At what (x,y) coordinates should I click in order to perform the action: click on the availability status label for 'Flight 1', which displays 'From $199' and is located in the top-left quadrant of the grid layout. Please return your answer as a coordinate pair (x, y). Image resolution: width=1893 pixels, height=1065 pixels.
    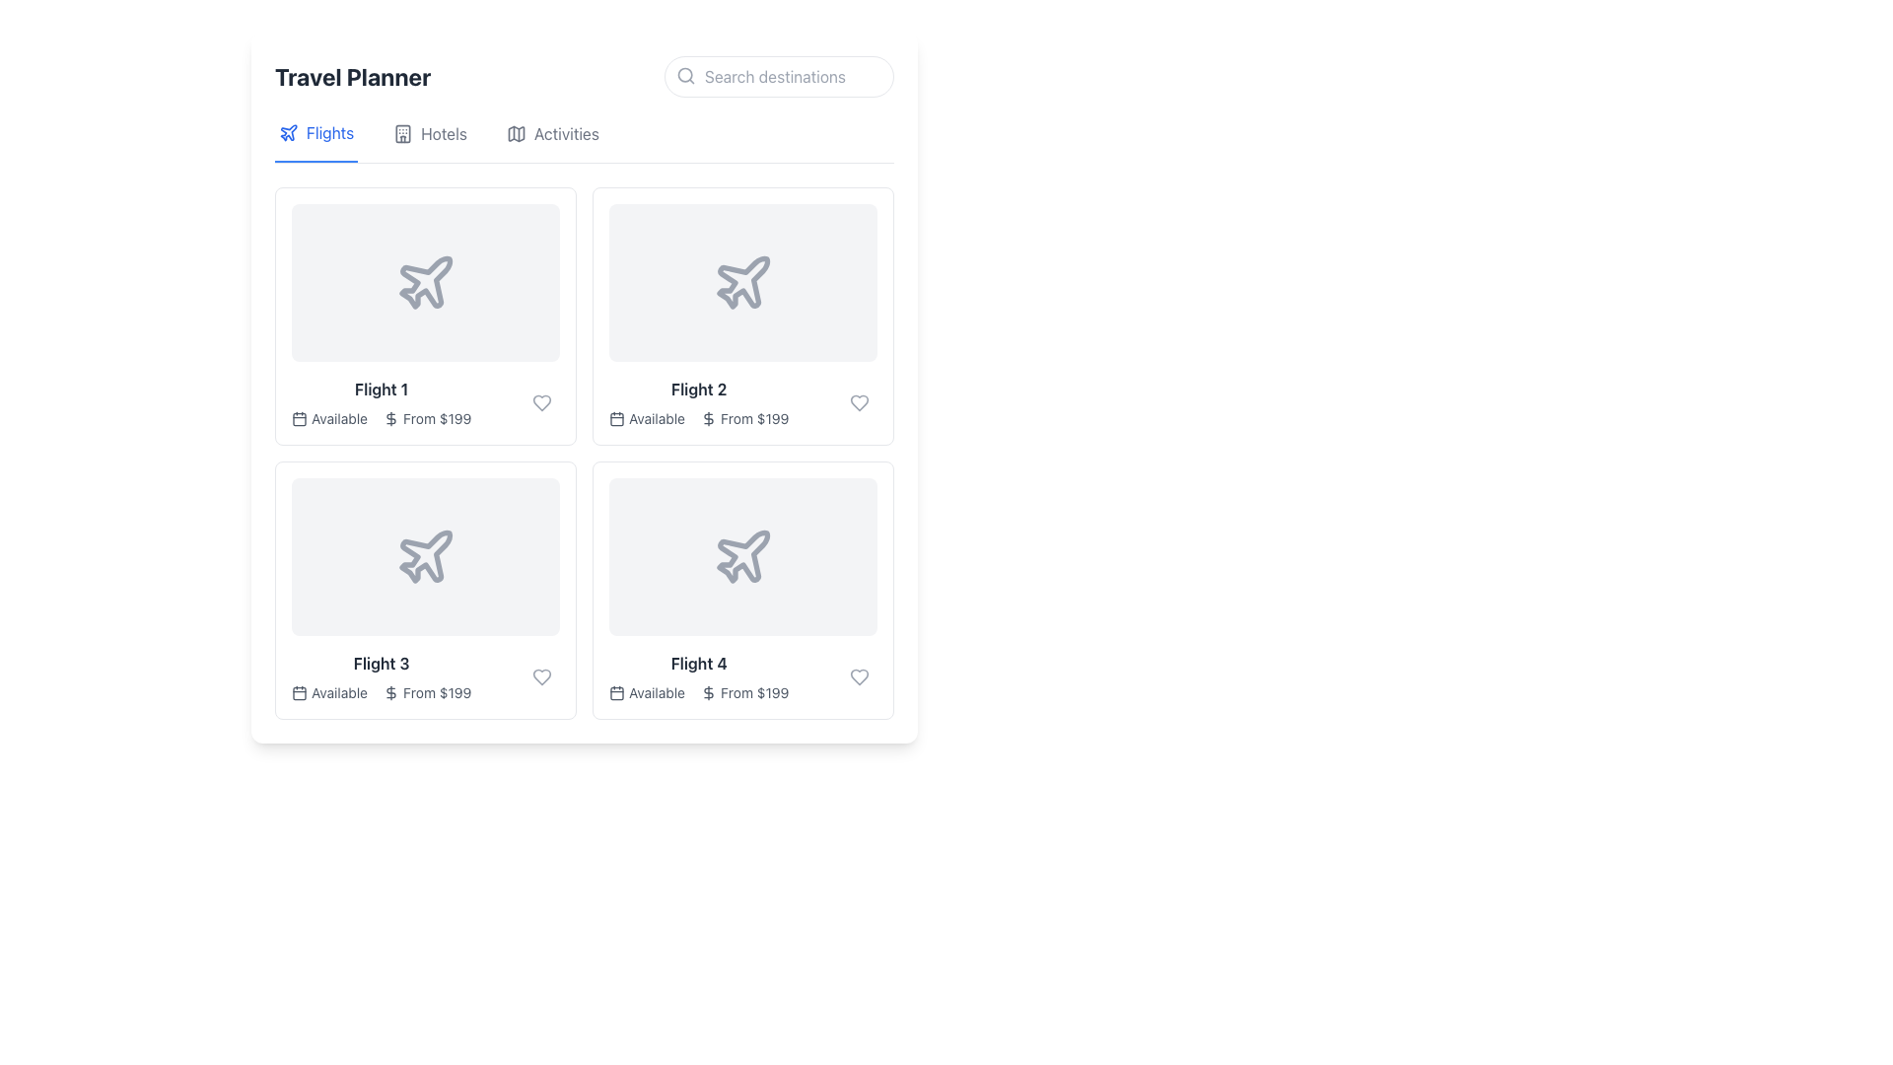
    Looking at the image, I should click on (329, 417).